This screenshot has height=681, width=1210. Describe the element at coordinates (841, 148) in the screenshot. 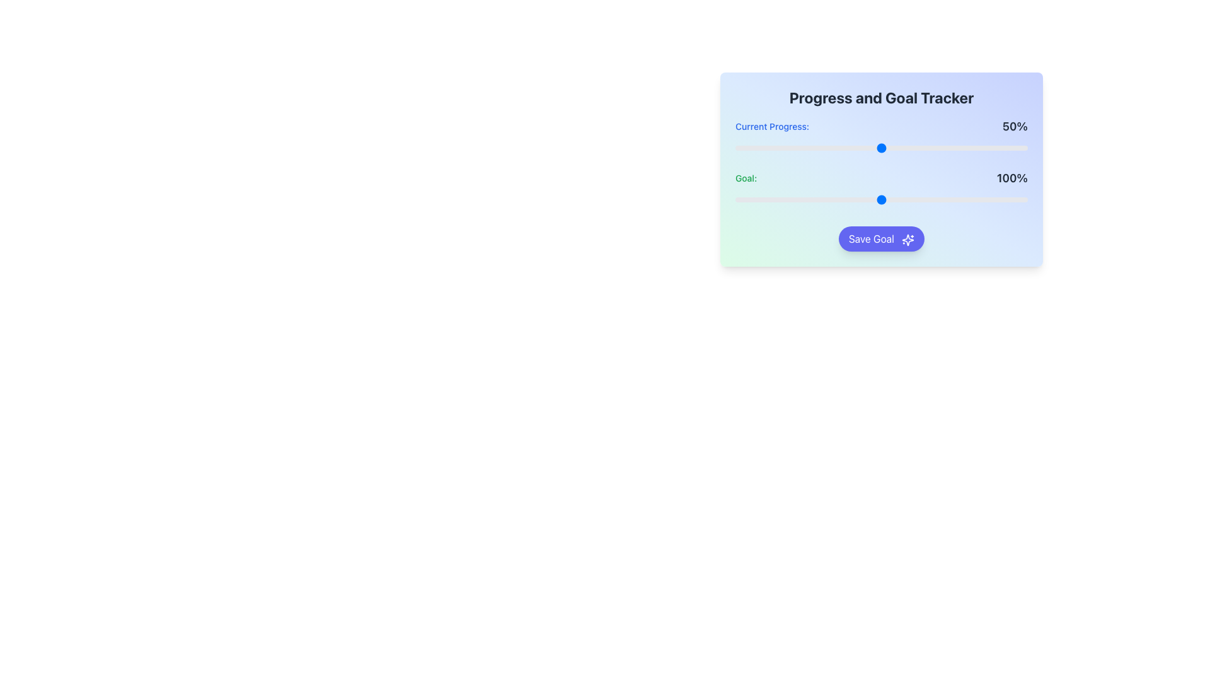

I see `the slider` at that location.